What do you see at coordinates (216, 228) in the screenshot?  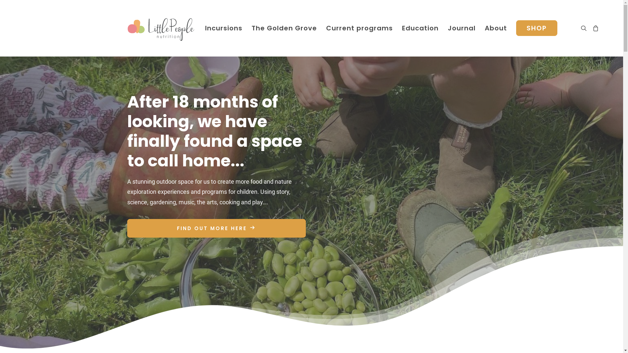 I see `'FIND OUT MORE HERE'` at bounding box center [216, 228].